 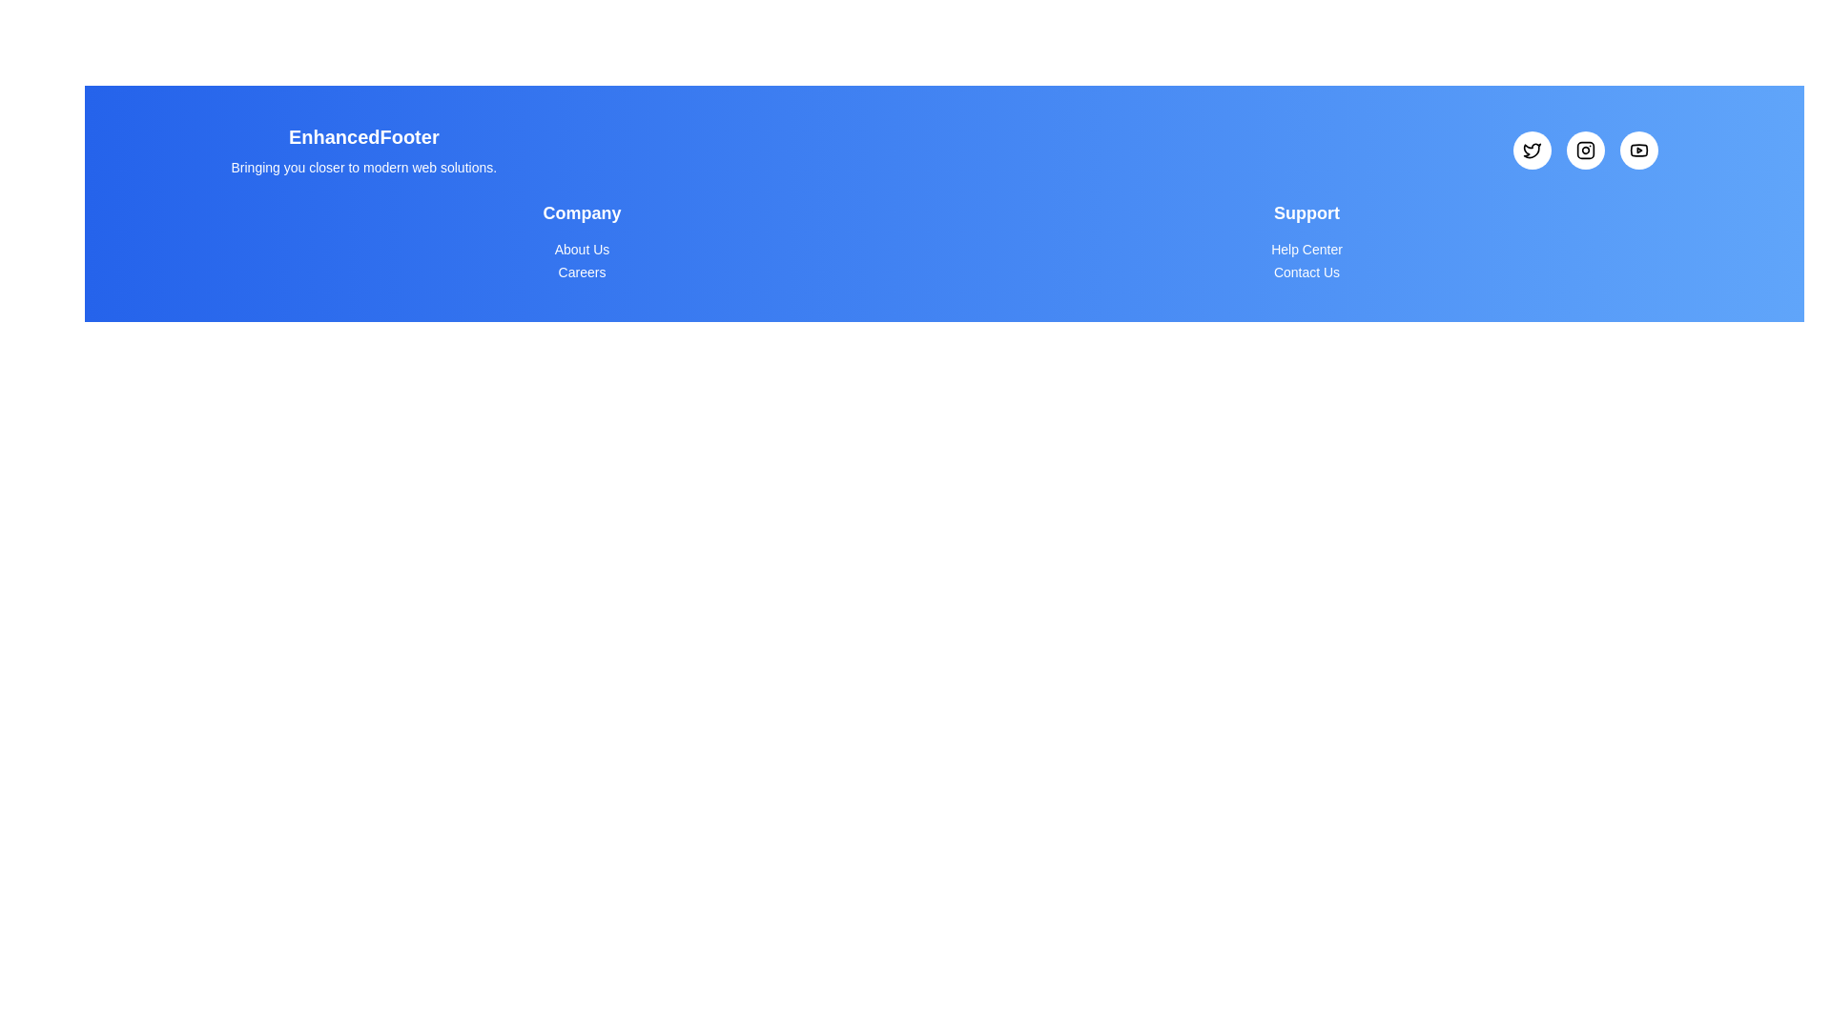 I want to click on the third circular social media button located on the right side of the footer section, which links to a YouTube page, so click(x=1637, y=150).